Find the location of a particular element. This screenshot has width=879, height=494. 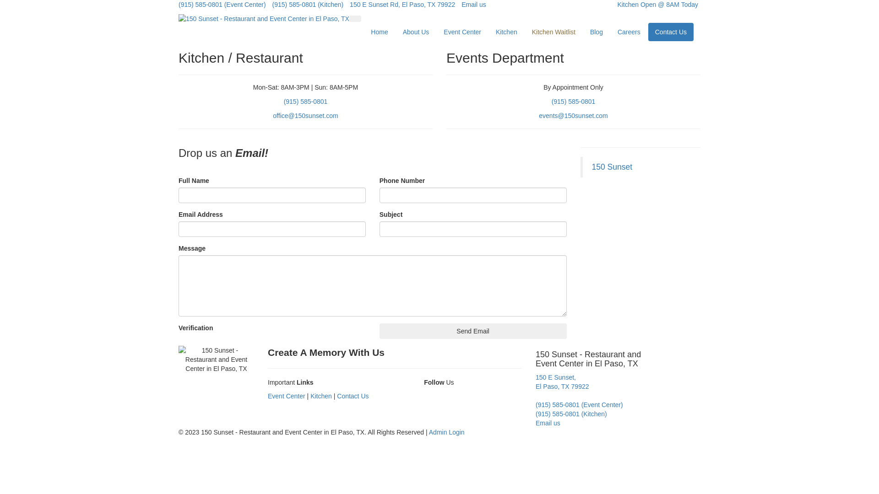

'Send Email' is located at coordinates (473, 331).